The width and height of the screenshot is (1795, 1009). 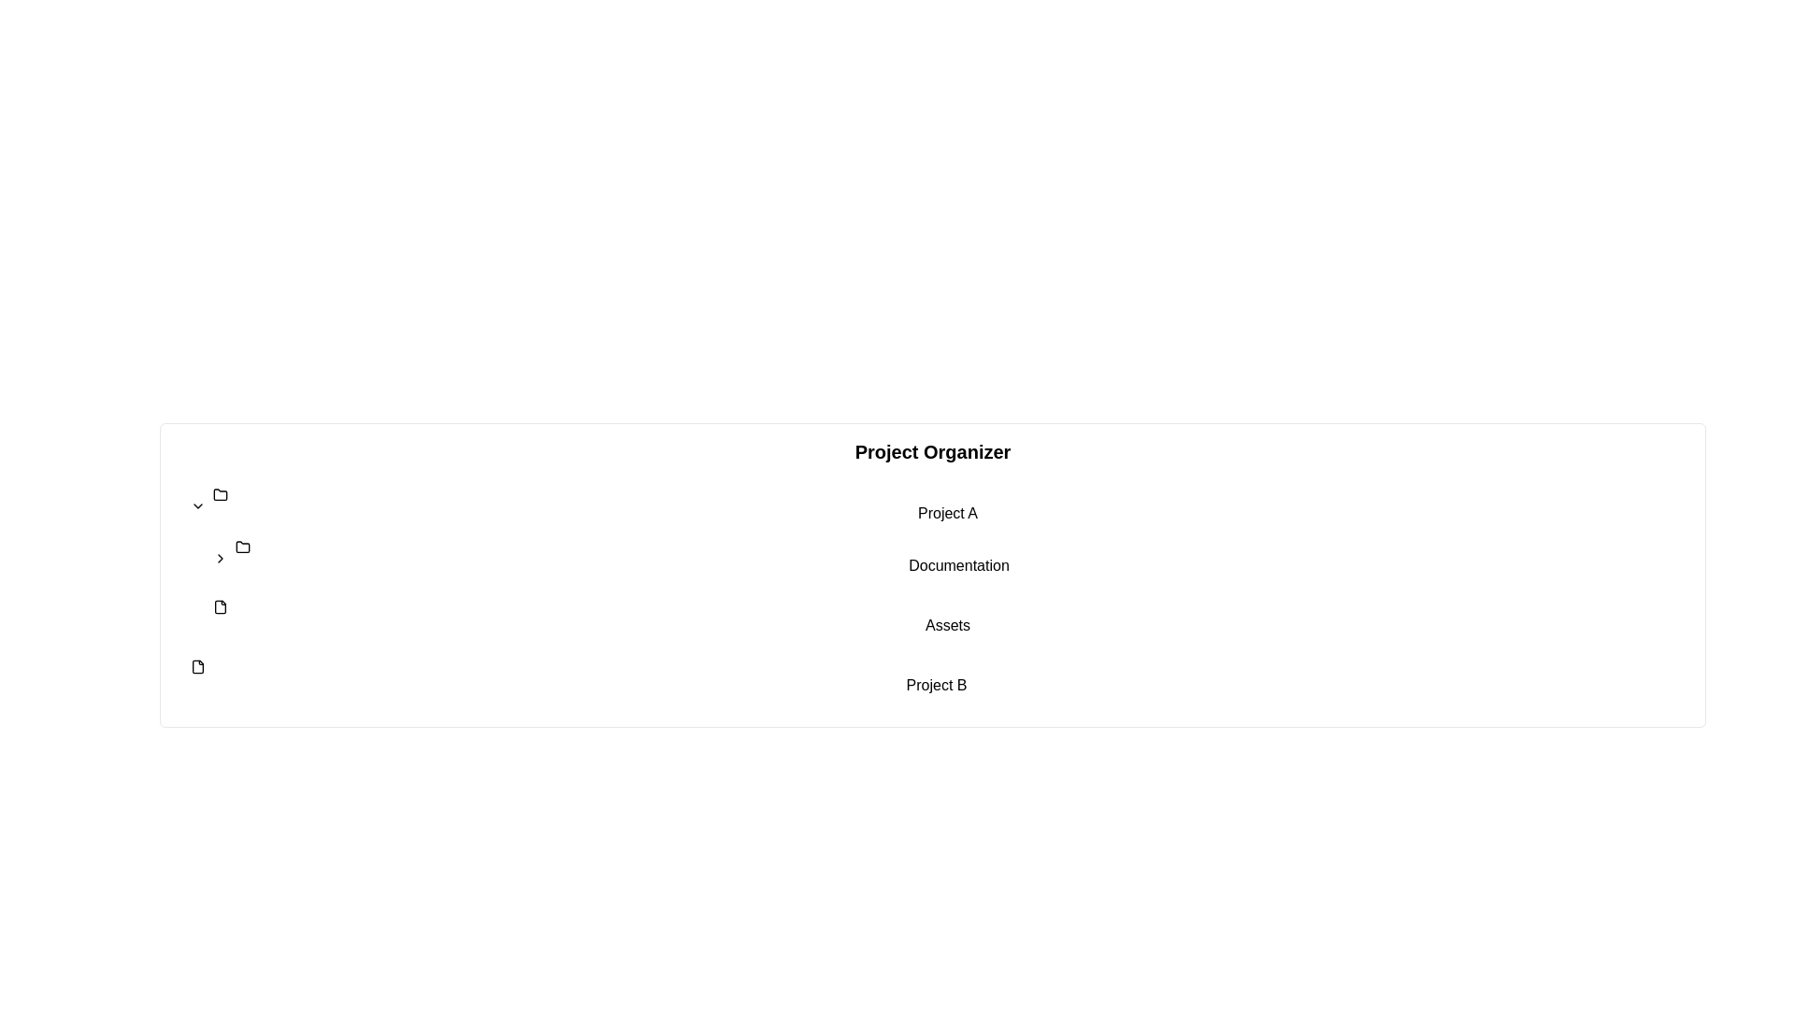 What do you see at coordinates (197, 665) in the screenshot?
I see `the file icon for 'Project B' located at the leftmost side of the row in the project organizer` at bounding box center [197, 665].